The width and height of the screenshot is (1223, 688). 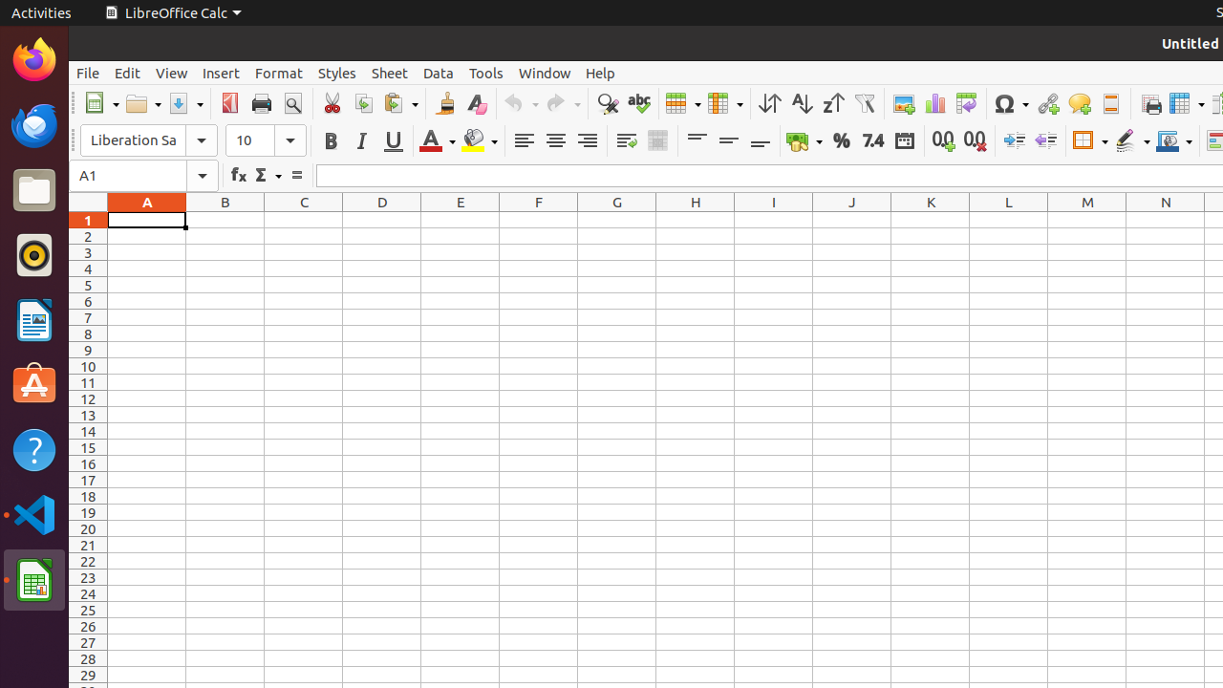 I want to click on 'Edit', so click(x=126, y=72).